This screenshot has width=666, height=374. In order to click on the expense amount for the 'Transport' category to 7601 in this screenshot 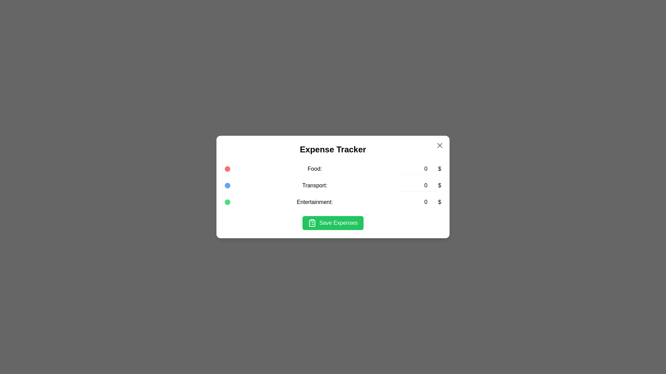, I will do `click(416, 185)`.